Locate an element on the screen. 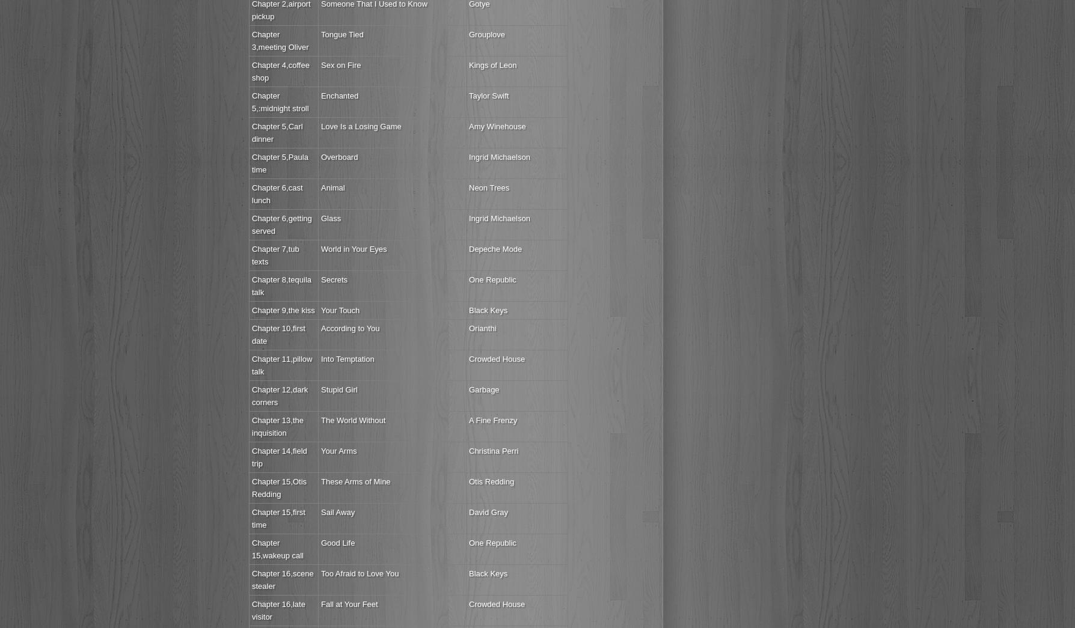  'Chapter 14,field trip' is located at coordinates (279, 457).